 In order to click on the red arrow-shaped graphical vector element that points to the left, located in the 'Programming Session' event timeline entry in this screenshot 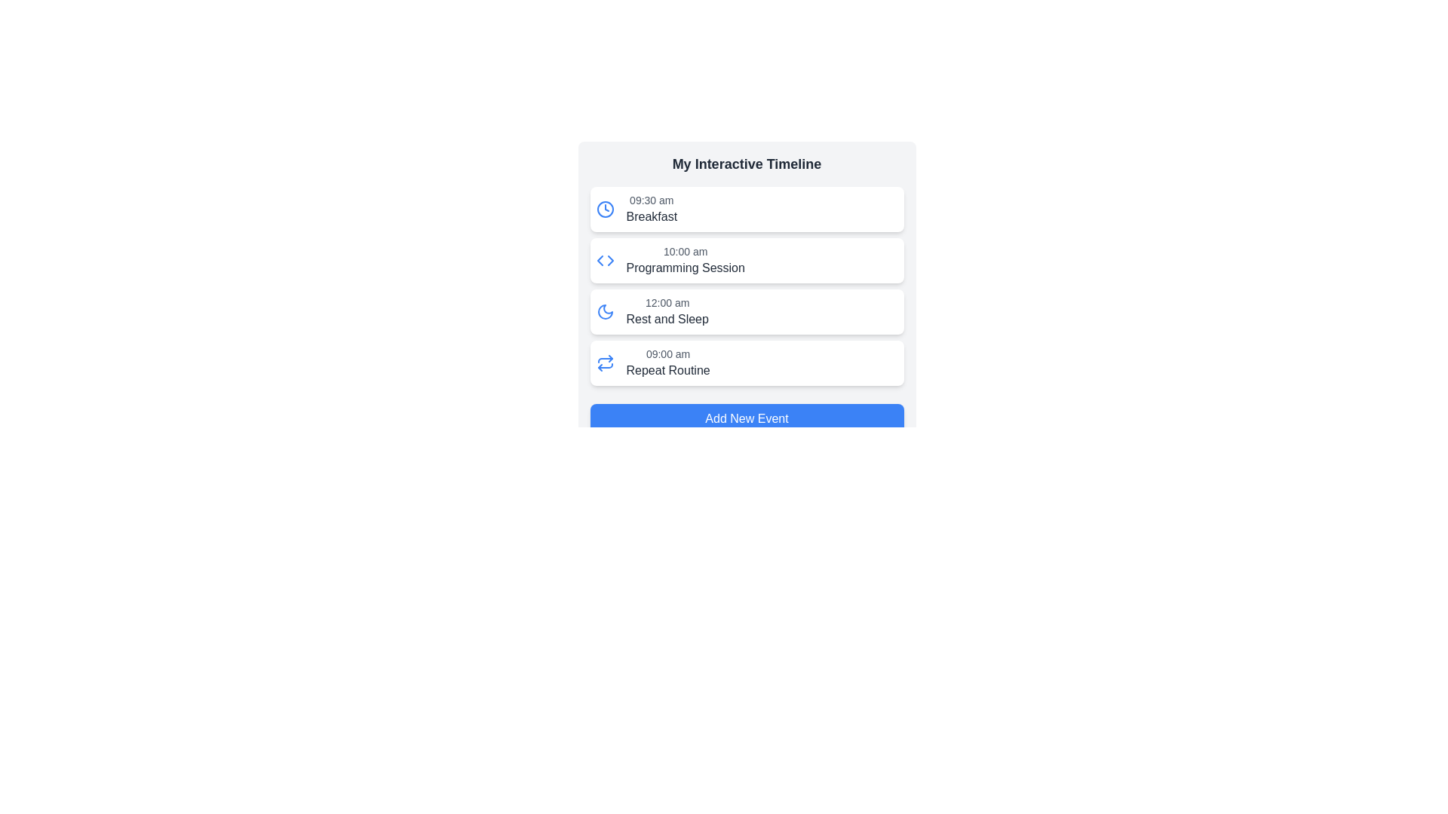, I will do `click(599, 260)`.